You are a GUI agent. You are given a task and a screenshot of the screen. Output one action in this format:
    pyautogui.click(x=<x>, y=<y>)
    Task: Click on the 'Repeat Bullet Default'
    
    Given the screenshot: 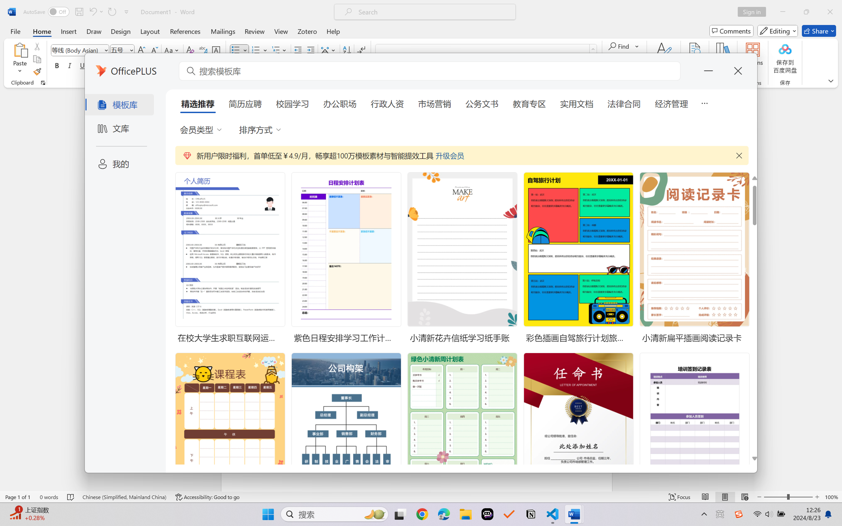 What is the action you would take?
    pyautogui.click(x=111, y=11)
    